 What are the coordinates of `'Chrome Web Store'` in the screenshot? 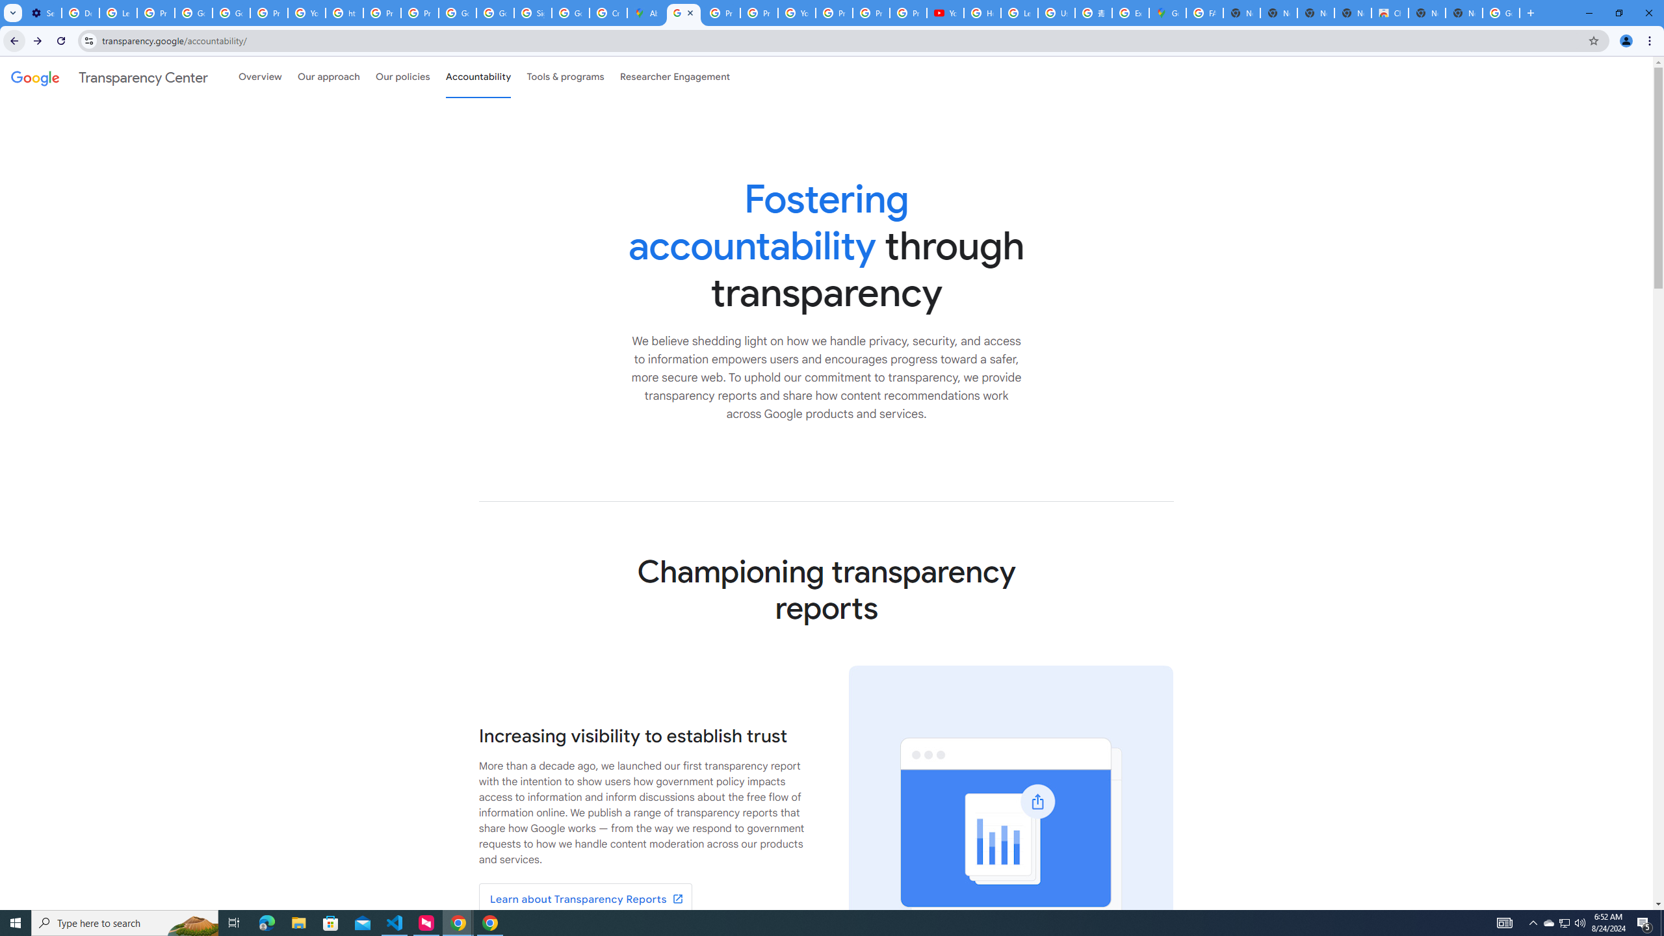 It's located at (1389, 12).